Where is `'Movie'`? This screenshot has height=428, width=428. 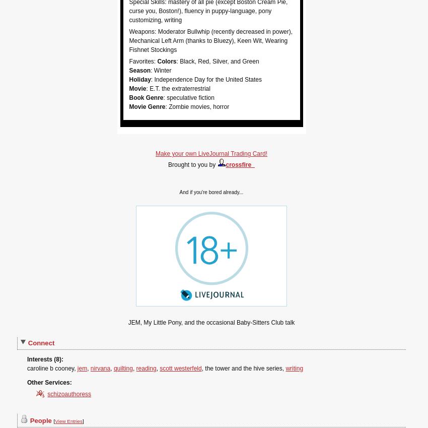
'Movie' is located at coordinates (137, 88).